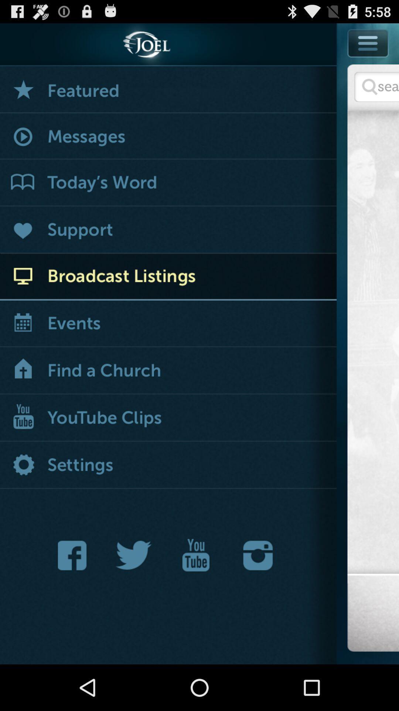  What do you see at coordinates (74, 555) in the screenshot?
I see `item at the bottom left corner` at bounding box center [74, 555].